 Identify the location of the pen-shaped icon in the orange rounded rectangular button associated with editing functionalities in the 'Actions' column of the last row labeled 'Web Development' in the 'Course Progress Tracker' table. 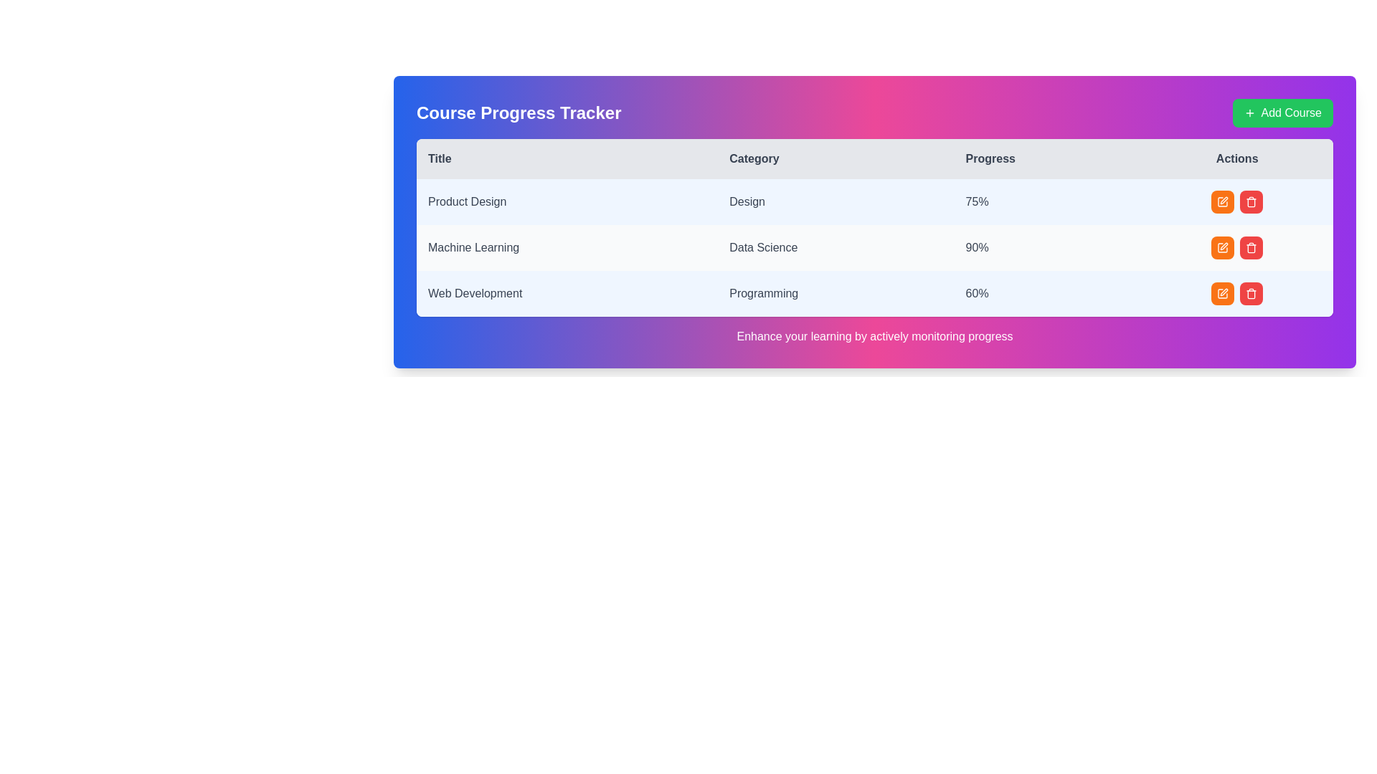
(1222, 292).